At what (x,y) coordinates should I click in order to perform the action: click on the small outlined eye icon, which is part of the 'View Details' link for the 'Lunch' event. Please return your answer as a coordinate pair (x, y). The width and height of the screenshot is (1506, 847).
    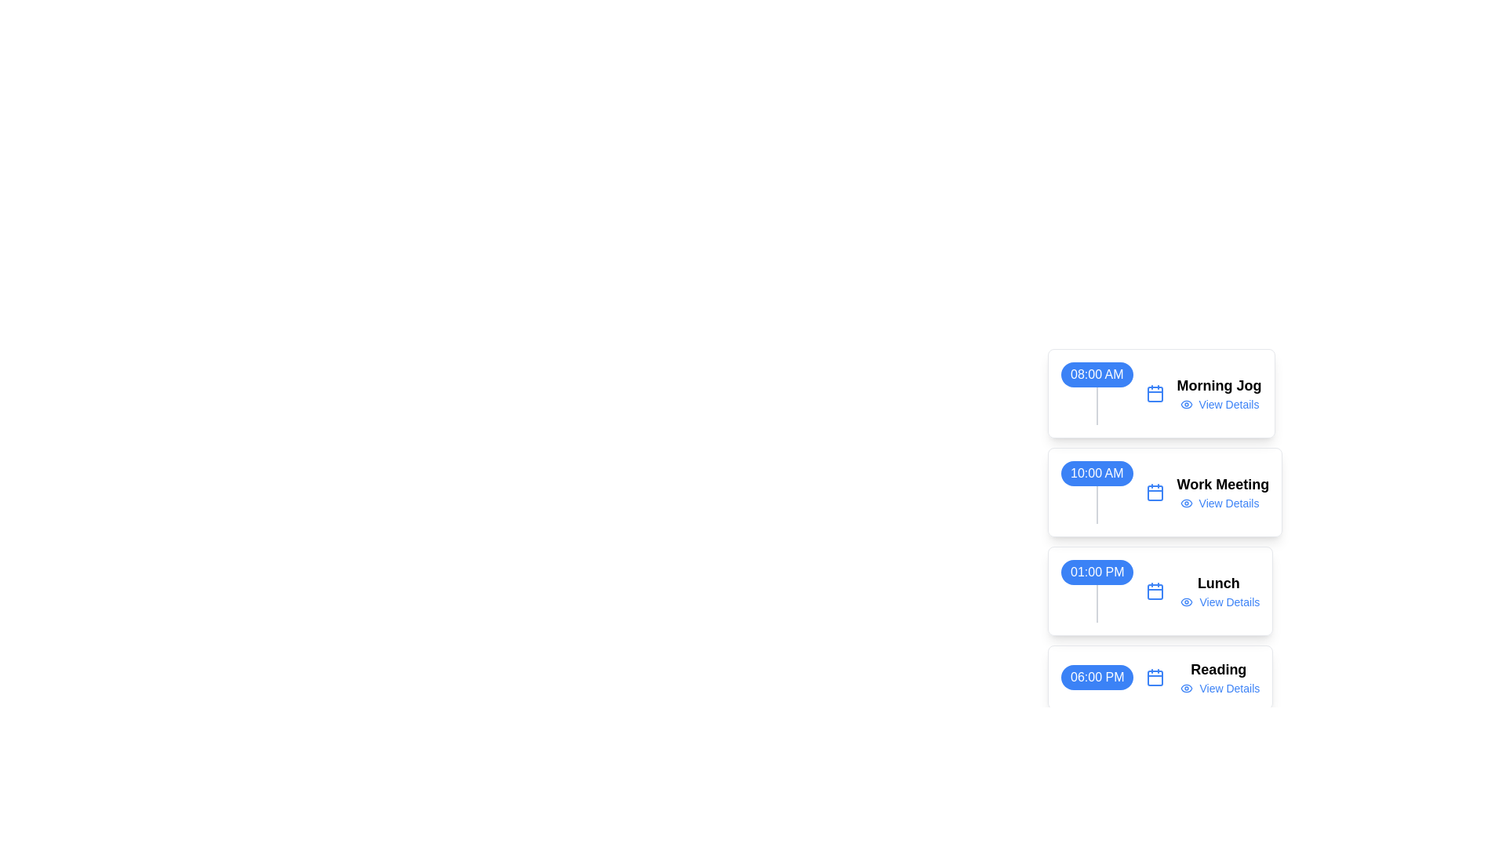
    Looking at the image, I should click on (1187, 601).